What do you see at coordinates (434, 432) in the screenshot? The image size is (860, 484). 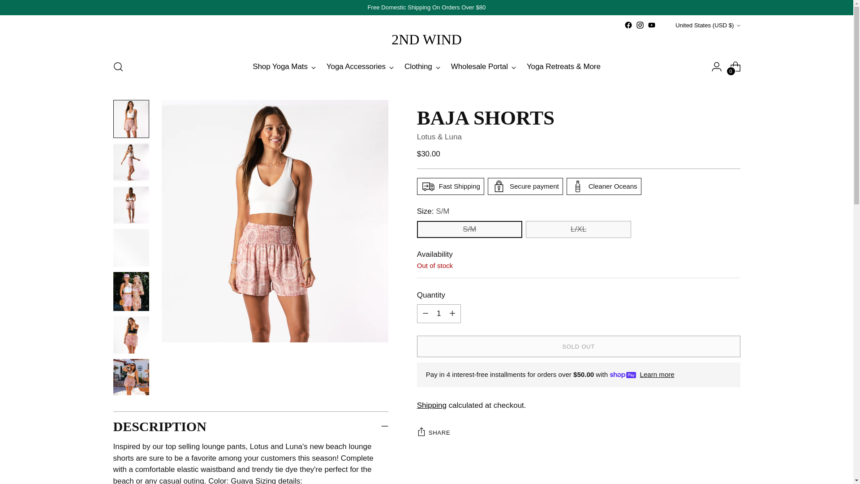 I see `'SHARE'` at bounding box center [434, 432].